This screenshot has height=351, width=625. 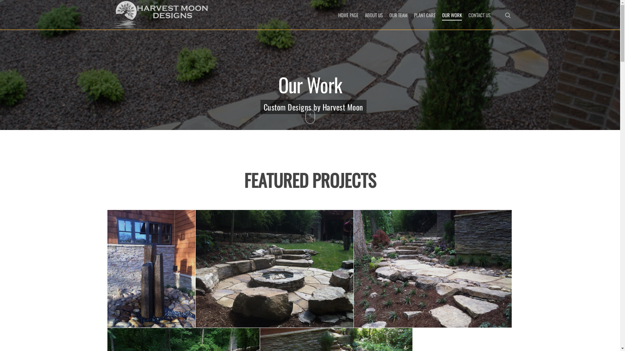 I want to click on 'HOME PAGE', so click(x=348, y=15).